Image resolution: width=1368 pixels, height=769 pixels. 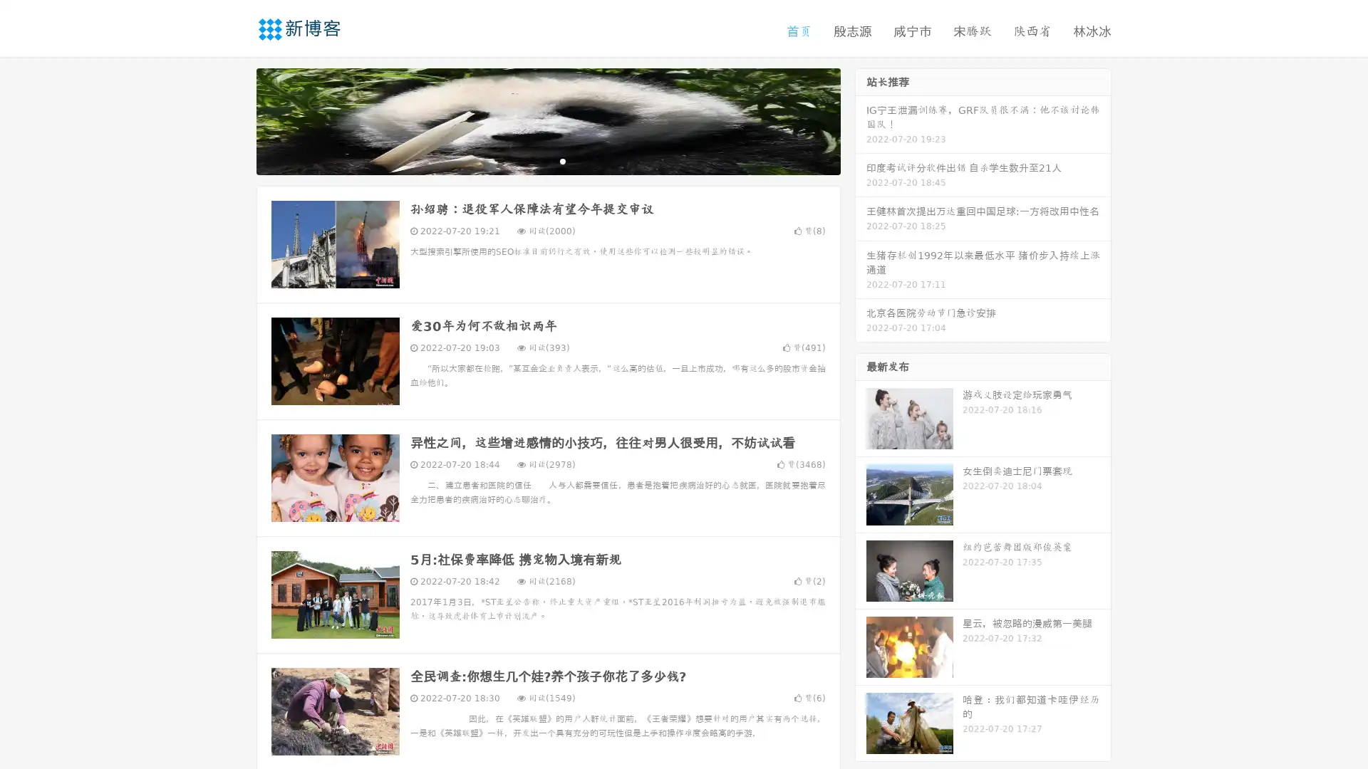 What do you see at coordinates (547, 160) in the screenshot?
I see `Go to slide 2` at bounding box center [547, 160].